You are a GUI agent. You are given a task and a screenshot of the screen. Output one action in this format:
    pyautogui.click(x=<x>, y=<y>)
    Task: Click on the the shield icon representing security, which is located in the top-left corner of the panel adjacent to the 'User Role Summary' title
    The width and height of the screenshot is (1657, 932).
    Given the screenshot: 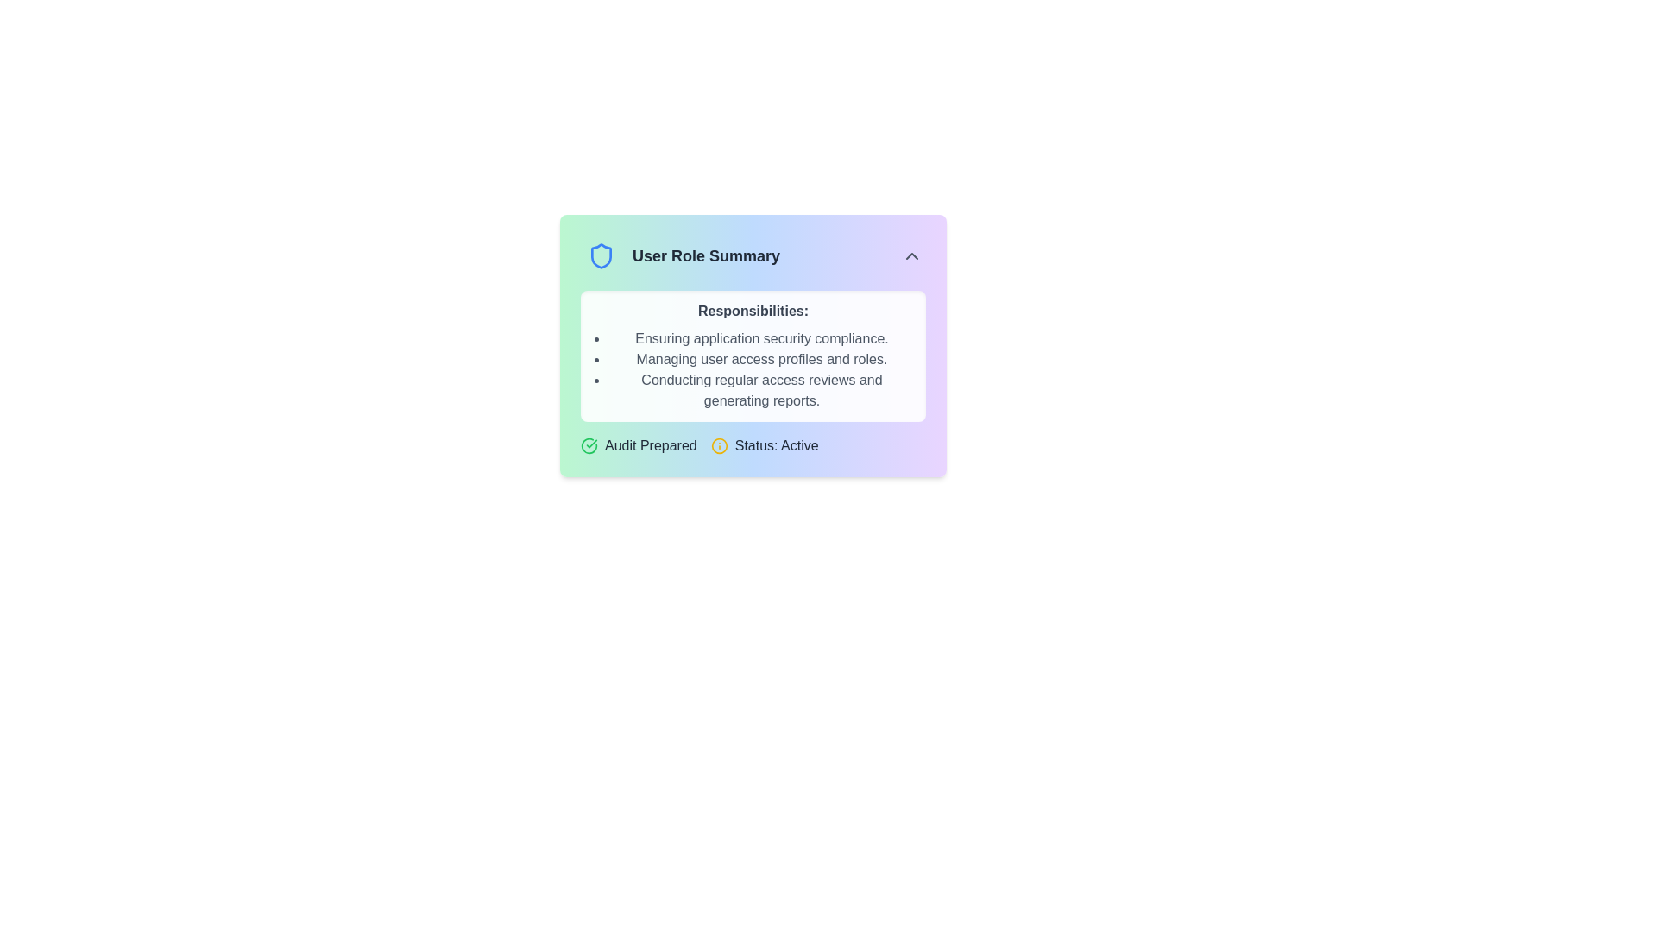 What is the action you would take?
    pyautogui.click(x=601, y=256)
    